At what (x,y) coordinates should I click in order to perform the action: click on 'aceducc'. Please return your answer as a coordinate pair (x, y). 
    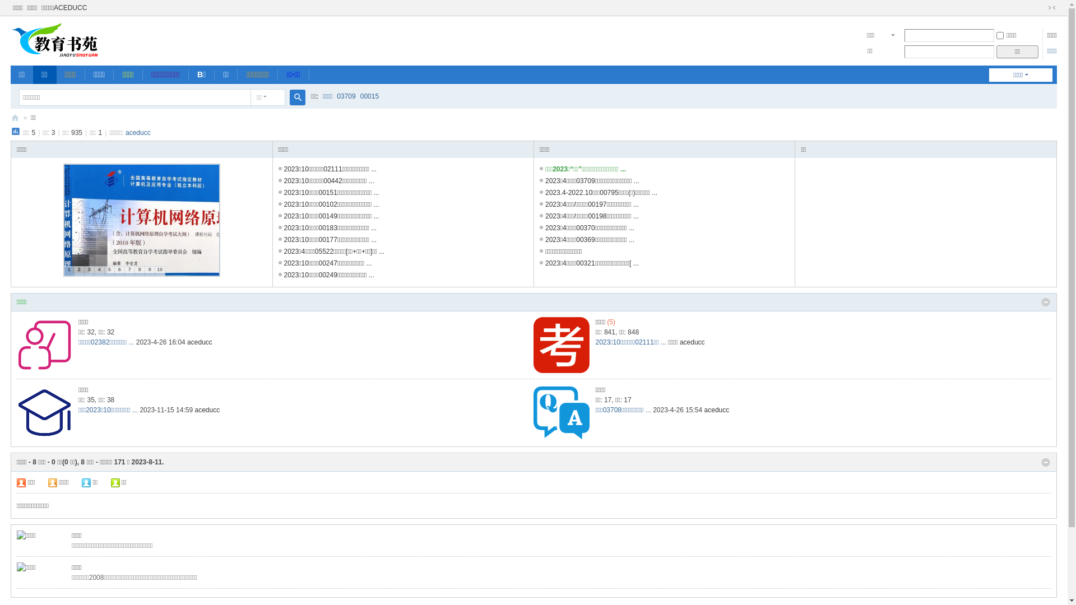
    Looking at the image, I should click on (126, 132).